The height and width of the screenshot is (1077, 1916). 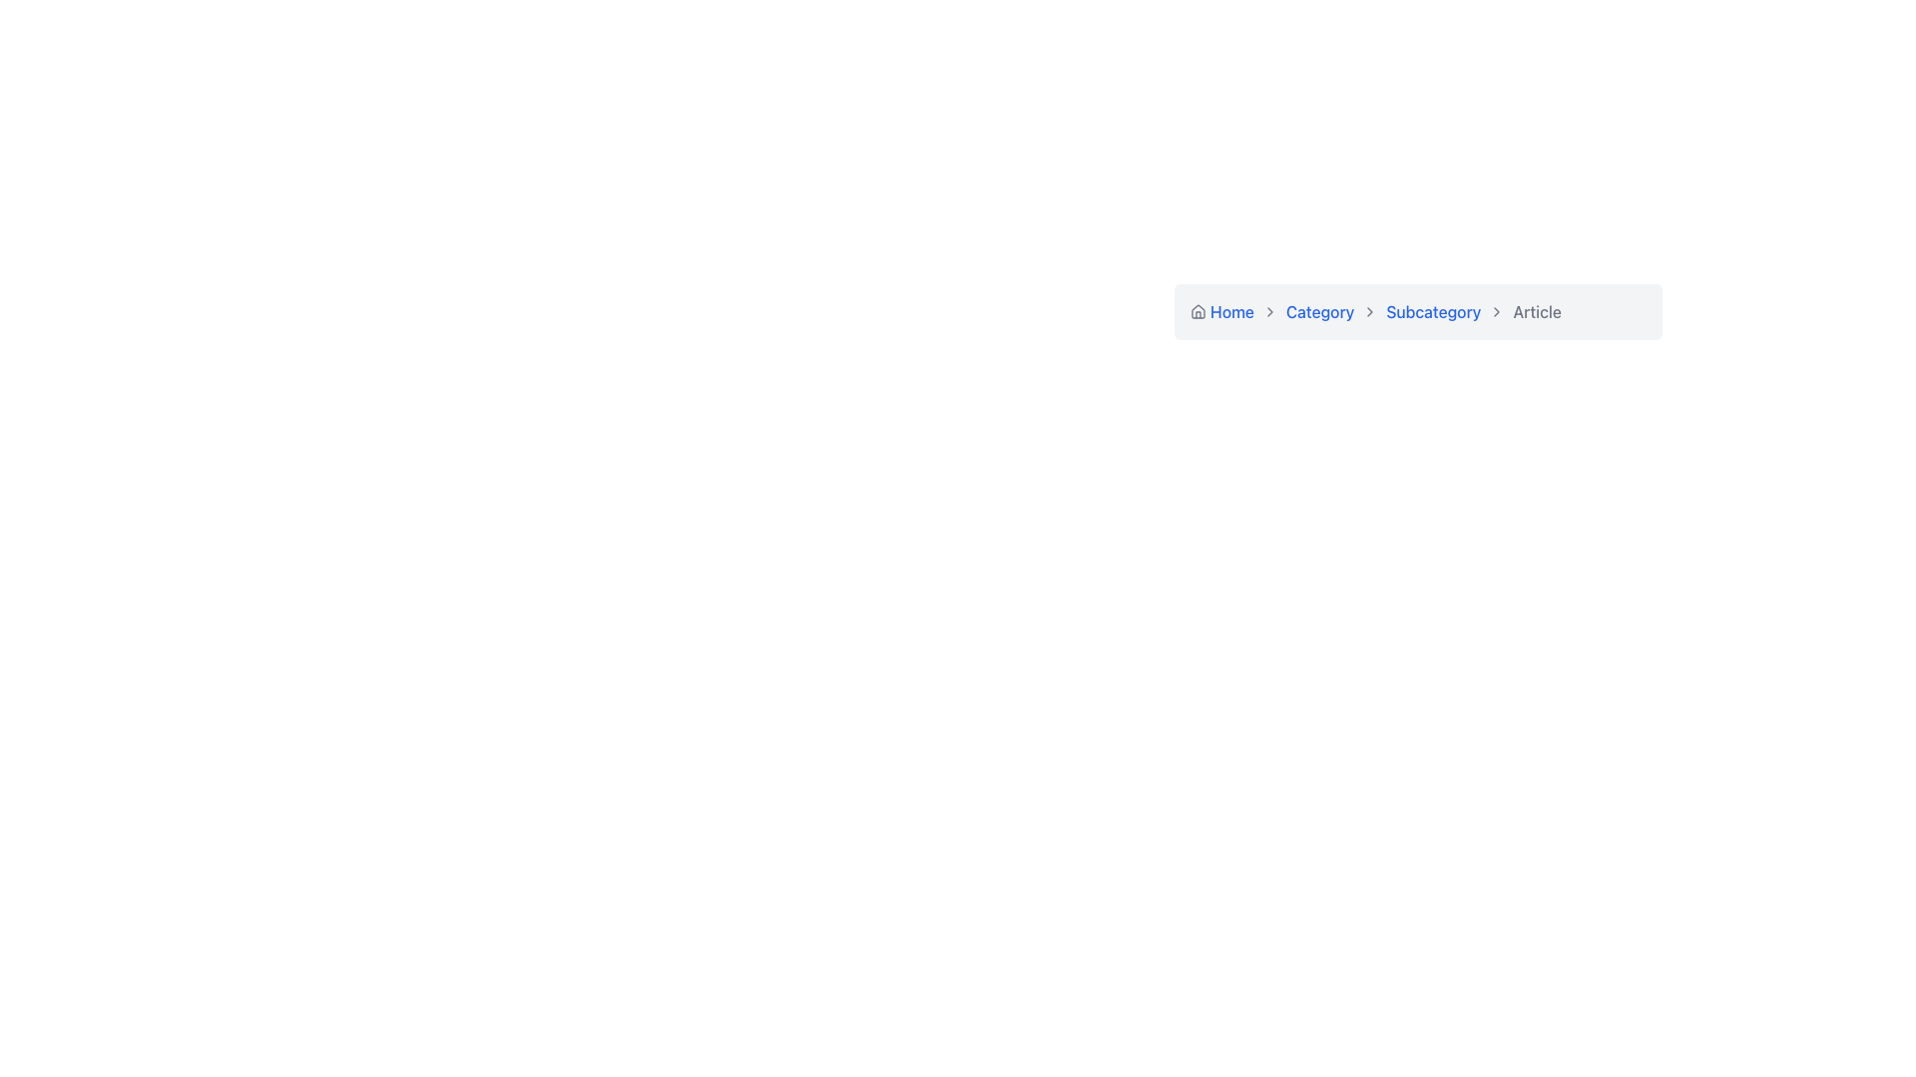 I want to click on the home icon located in the breadcrumb navigation bar at the top-left of the layout, so click(x=1197, y=311).